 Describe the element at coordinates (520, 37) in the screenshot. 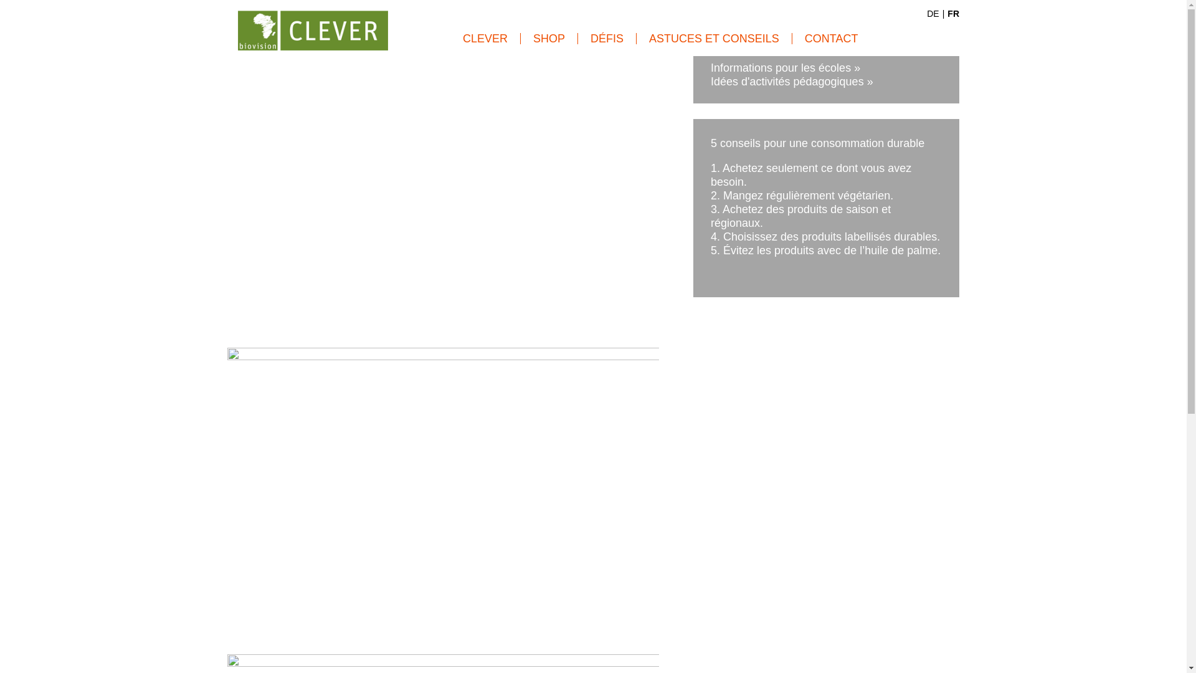

I see `'SHOP'` at that location.